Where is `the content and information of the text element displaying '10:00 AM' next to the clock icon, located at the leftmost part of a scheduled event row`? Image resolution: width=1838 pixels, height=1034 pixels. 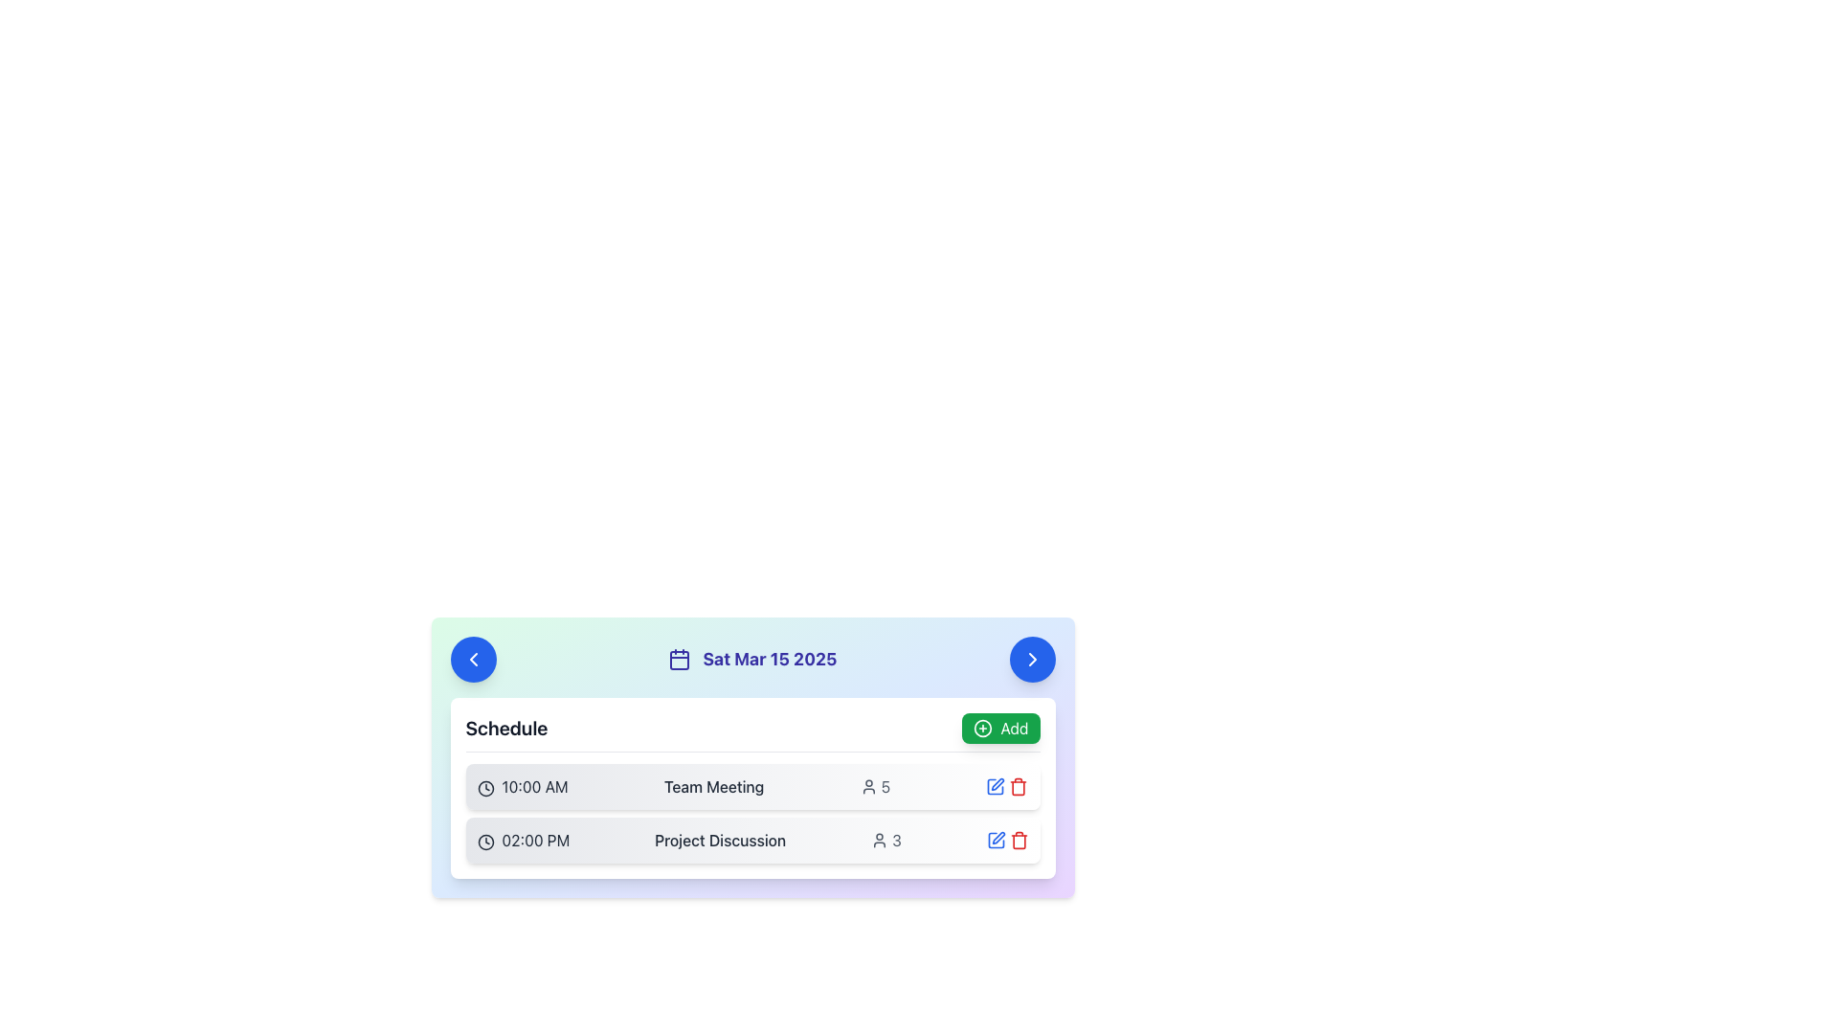
the content and information of the text element displaying '10:00 AM' next to the clock icon, located at the leftmost part of a scheduled event row is located at coordinates (523, 786).